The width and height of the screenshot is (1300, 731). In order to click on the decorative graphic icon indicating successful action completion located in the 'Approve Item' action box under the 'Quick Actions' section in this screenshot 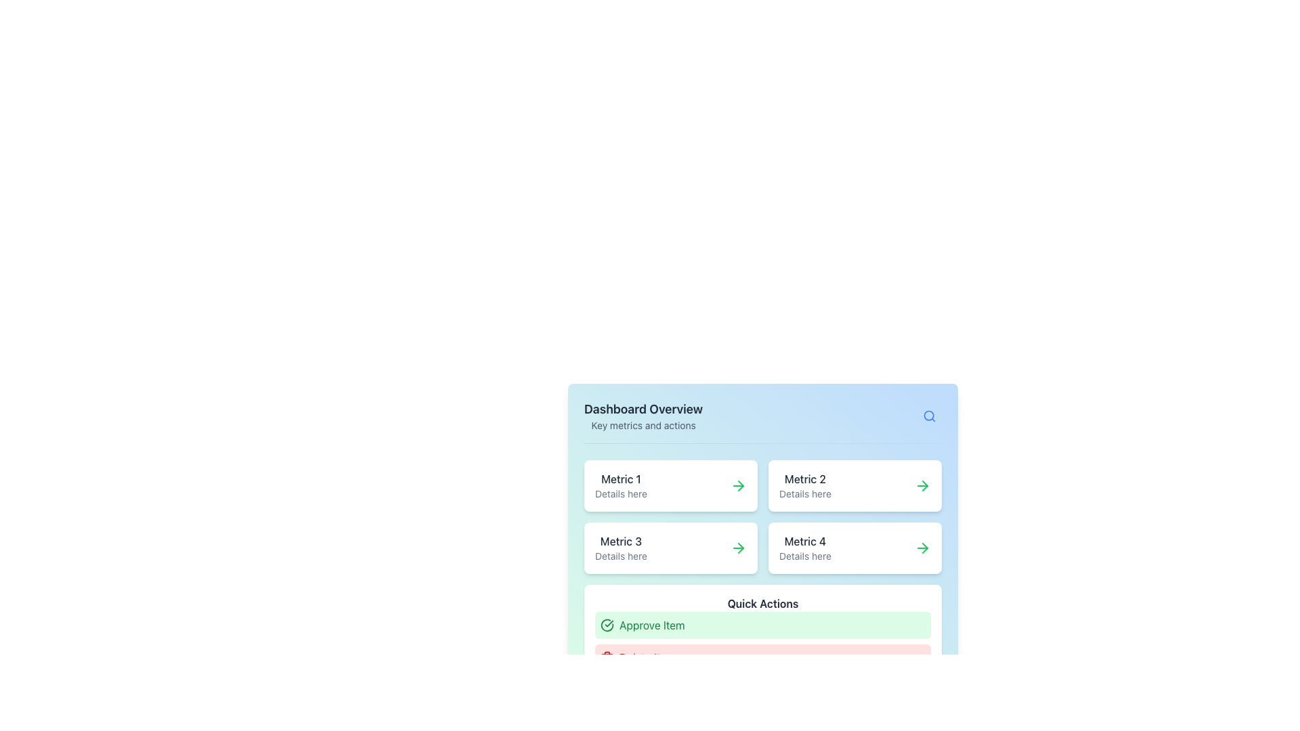, I will do `click(607, 625)`.